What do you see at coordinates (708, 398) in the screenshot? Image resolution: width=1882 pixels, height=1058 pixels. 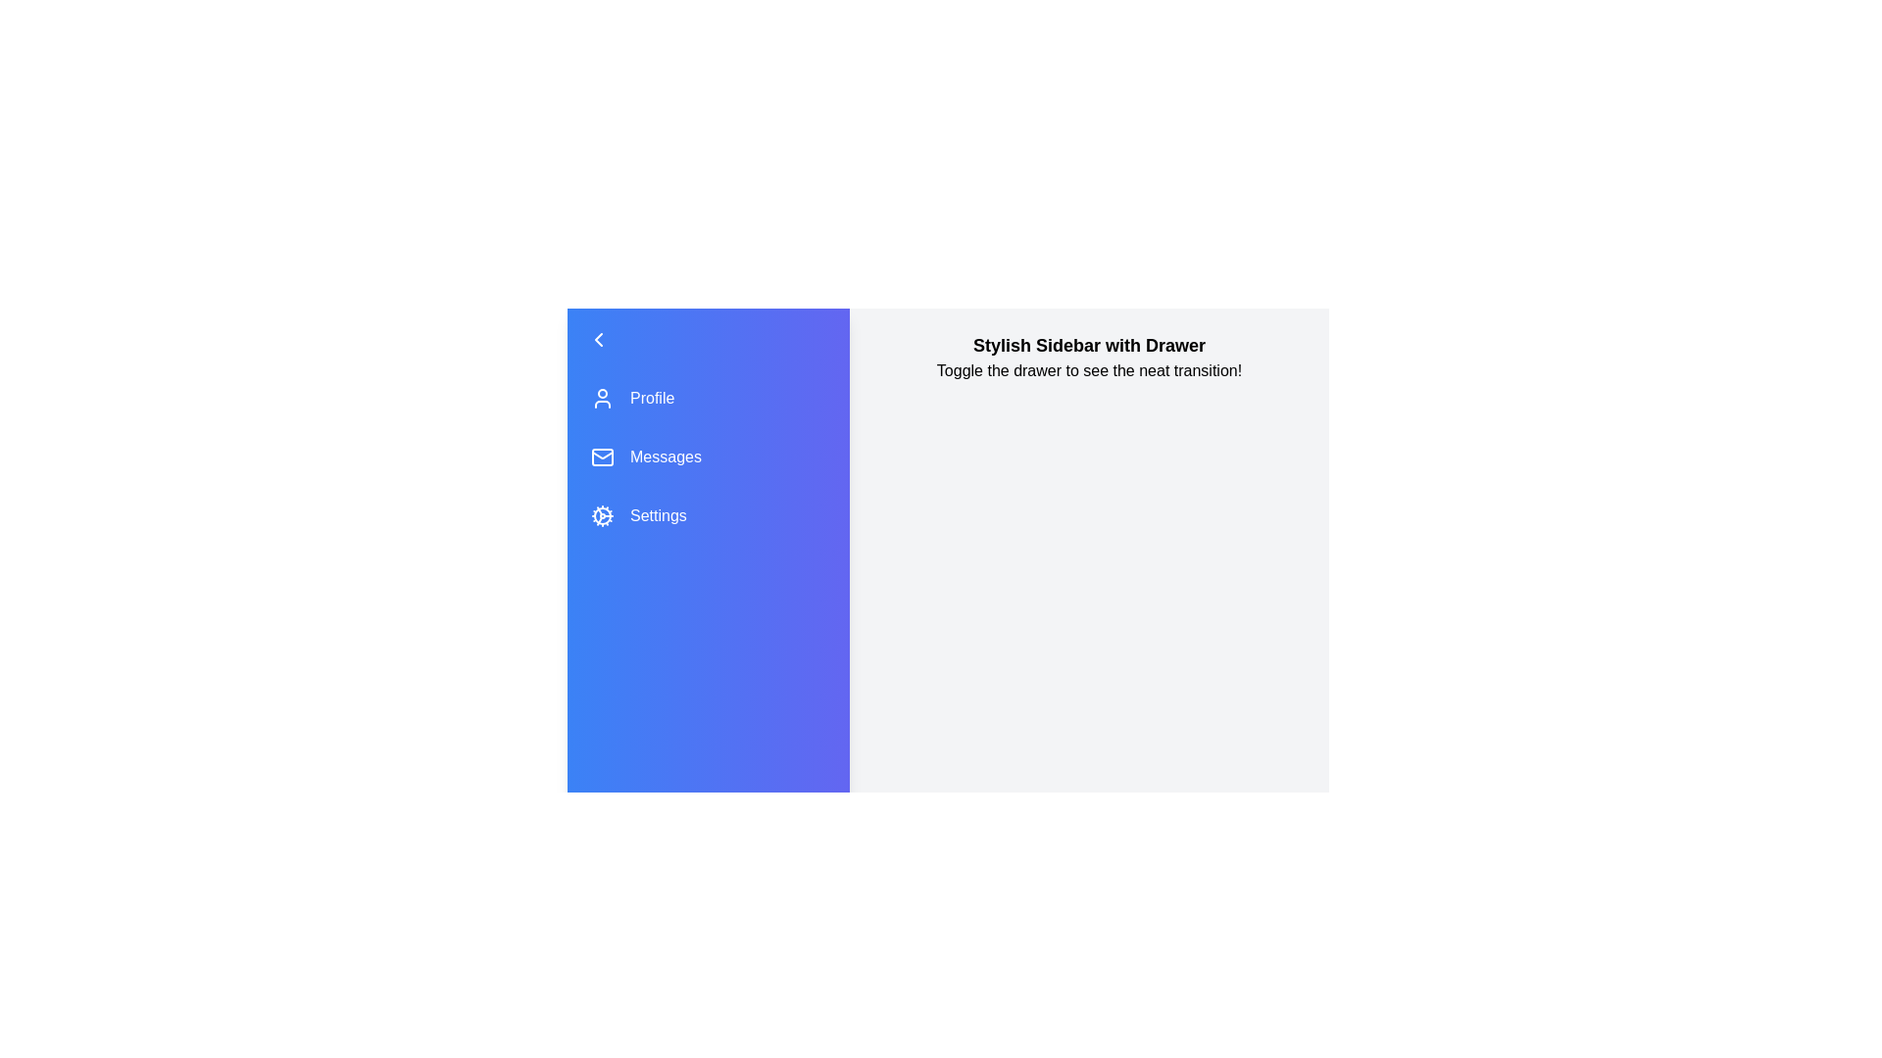 I see `the menu item Profile from the sidebar` at bounding box center [708, 398].